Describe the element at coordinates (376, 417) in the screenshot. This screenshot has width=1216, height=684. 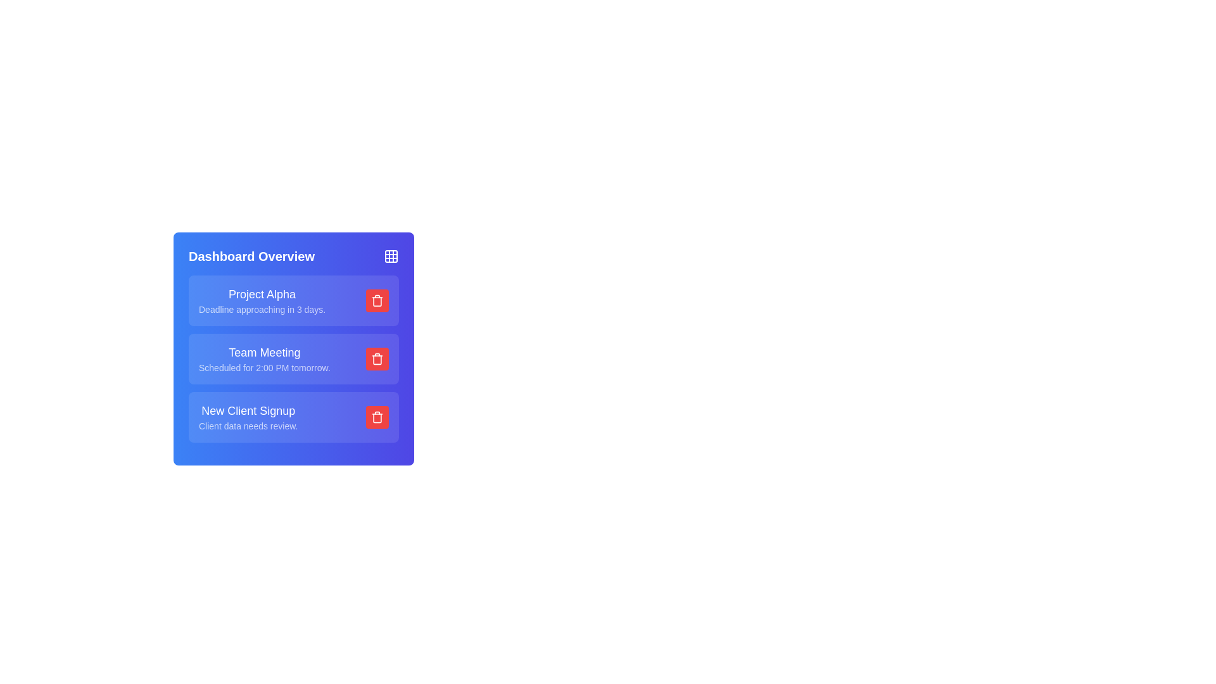
I see `the red delete button with a white-trashcan icon located at the bottom-right corner of the 'New Client Signup' card to observe its color change` at that location.